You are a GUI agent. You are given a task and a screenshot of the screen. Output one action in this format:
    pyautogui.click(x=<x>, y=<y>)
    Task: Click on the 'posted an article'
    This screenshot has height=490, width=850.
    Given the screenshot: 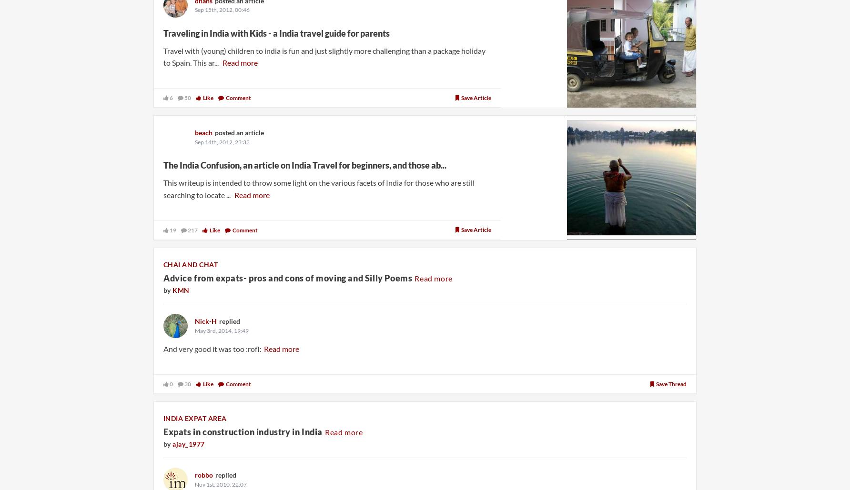 What is the action you would take?
    pyautogui.click(x=239, y=132)
    